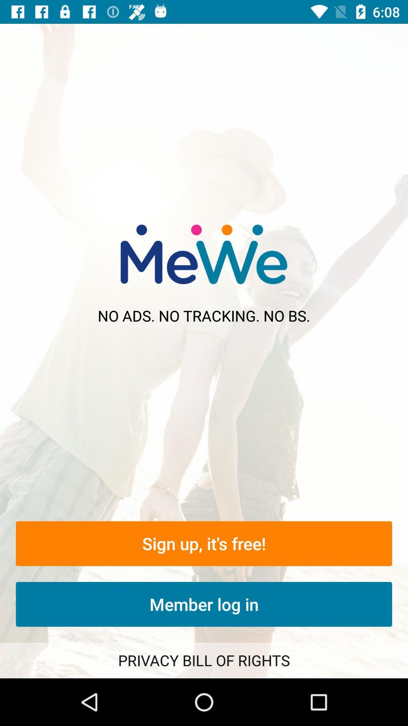 The width and height of the screenshot is (408, 726). I want to click on sign up it icon, so click(204, 543).